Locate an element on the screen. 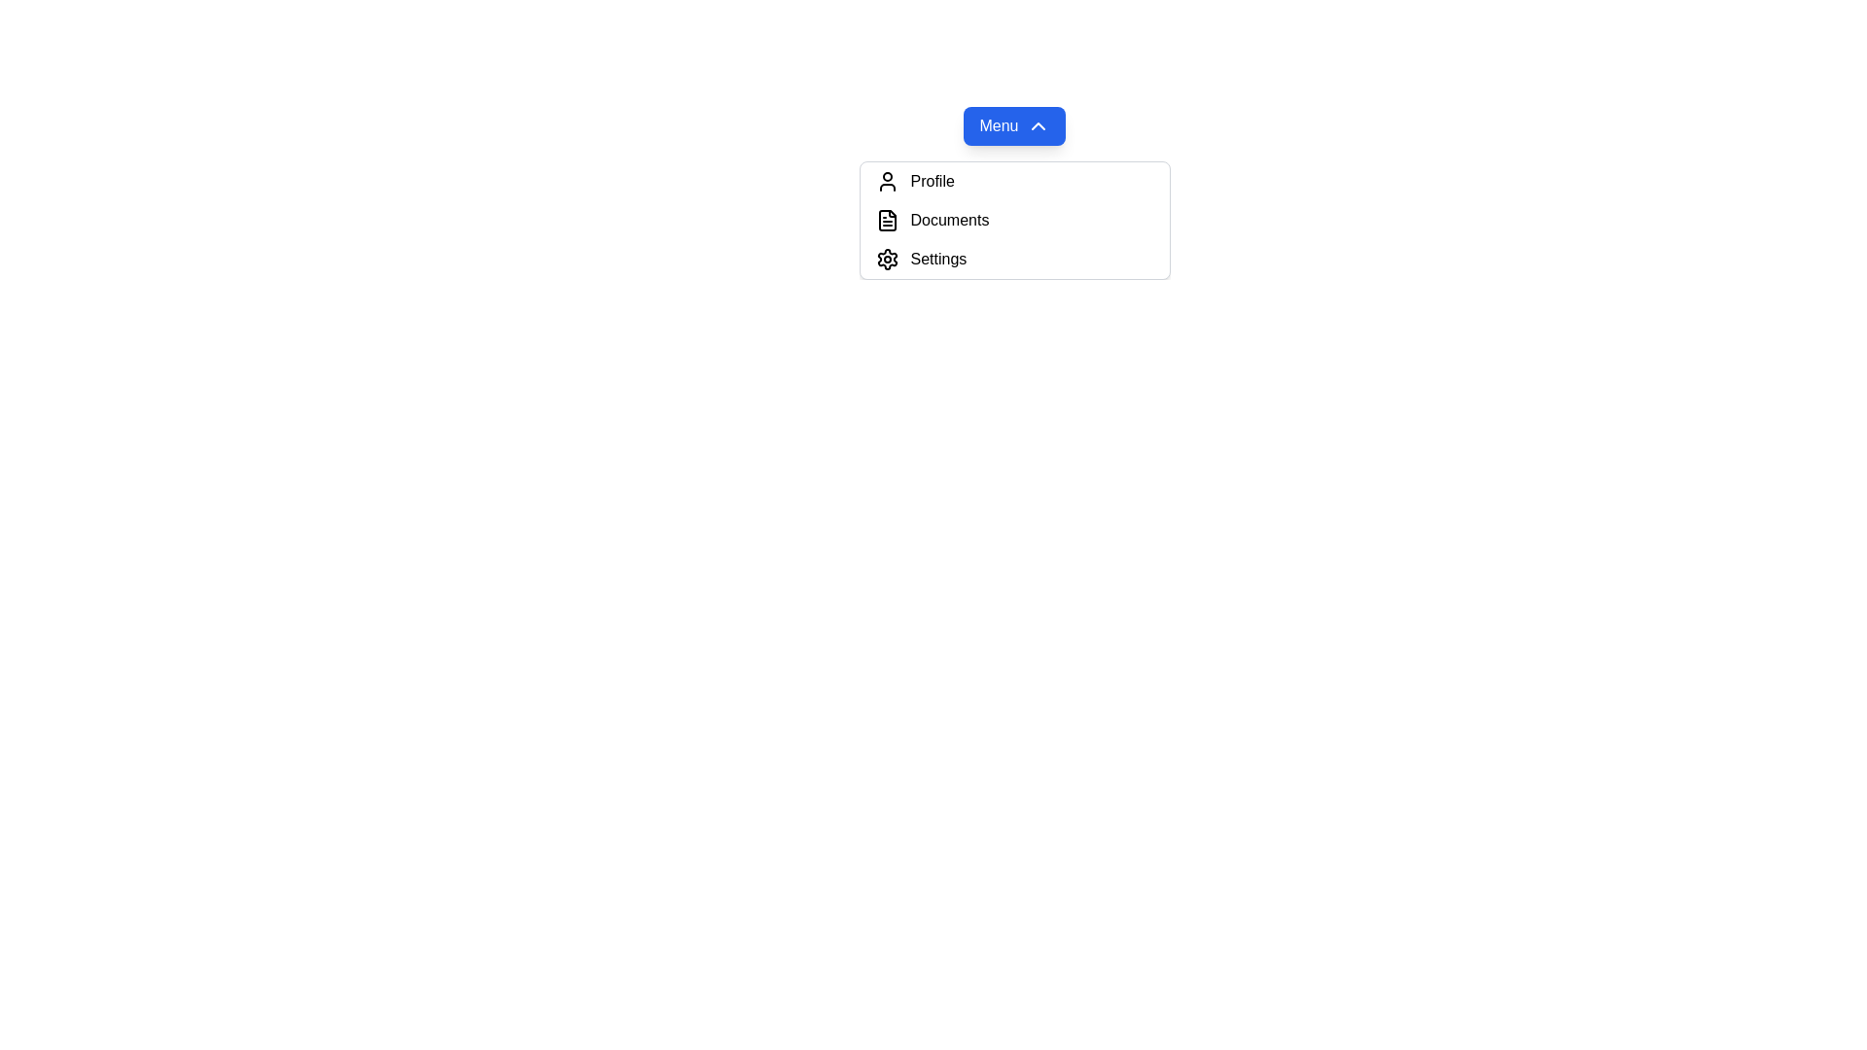  the settings SVG icon located at the bottom of the dropdown menu adjacent to the text 'Settings' is located at coordinates (886, 258).